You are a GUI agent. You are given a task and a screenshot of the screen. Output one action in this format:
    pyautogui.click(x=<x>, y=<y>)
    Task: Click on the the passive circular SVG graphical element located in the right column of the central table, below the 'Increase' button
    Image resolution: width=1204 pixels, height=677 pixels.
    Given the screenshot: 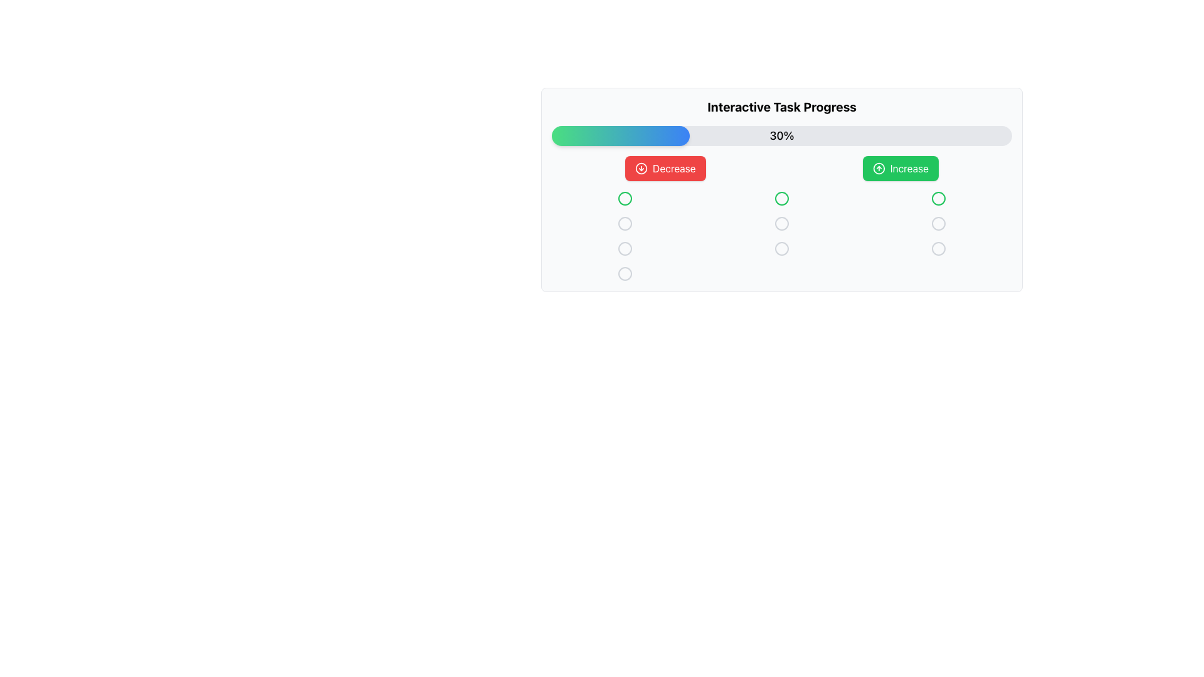 What is the action you would take?
    pyautogui.click(x=781, y=223)
    